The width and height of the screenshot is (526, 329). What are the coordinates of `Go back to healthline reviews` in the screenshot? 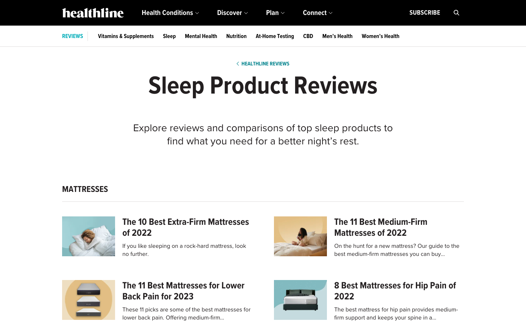 It's located at (263, 64).